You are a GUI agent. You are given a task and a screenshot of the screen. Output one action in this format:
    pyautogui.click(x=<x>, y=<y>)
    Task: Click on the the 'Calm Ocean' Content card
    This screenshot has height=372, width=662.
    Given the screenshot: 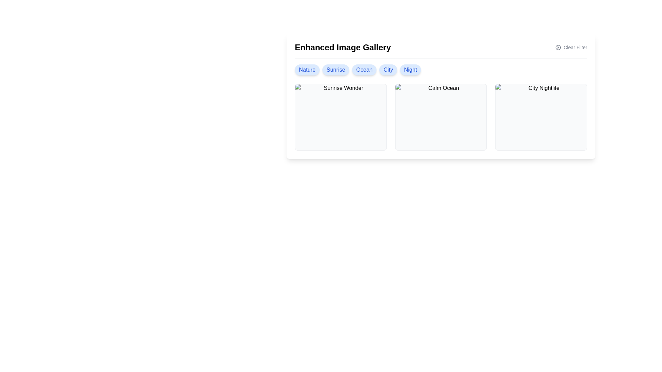 What is the action you would take?
    pyautogui.click(x=440, y=116)
    